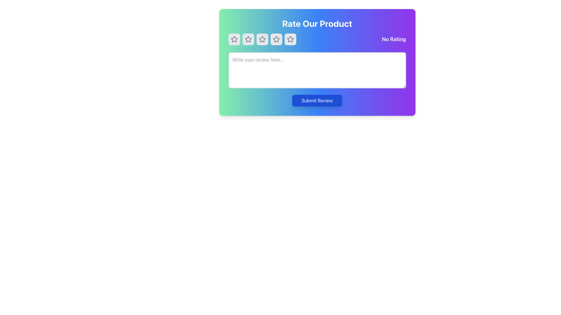 This screenshot has height=315, width=561. I want to click on the fourth star-shaped icon from the left to rate the product, so click(290, 39).